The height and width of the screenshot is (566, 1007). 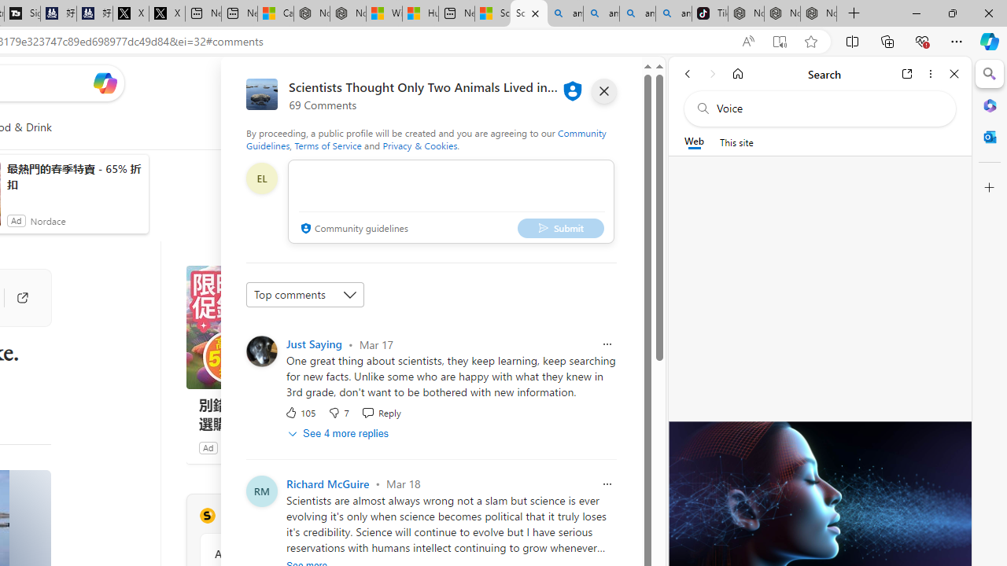 I want to click on 'Close', so click(x=954, y=73).